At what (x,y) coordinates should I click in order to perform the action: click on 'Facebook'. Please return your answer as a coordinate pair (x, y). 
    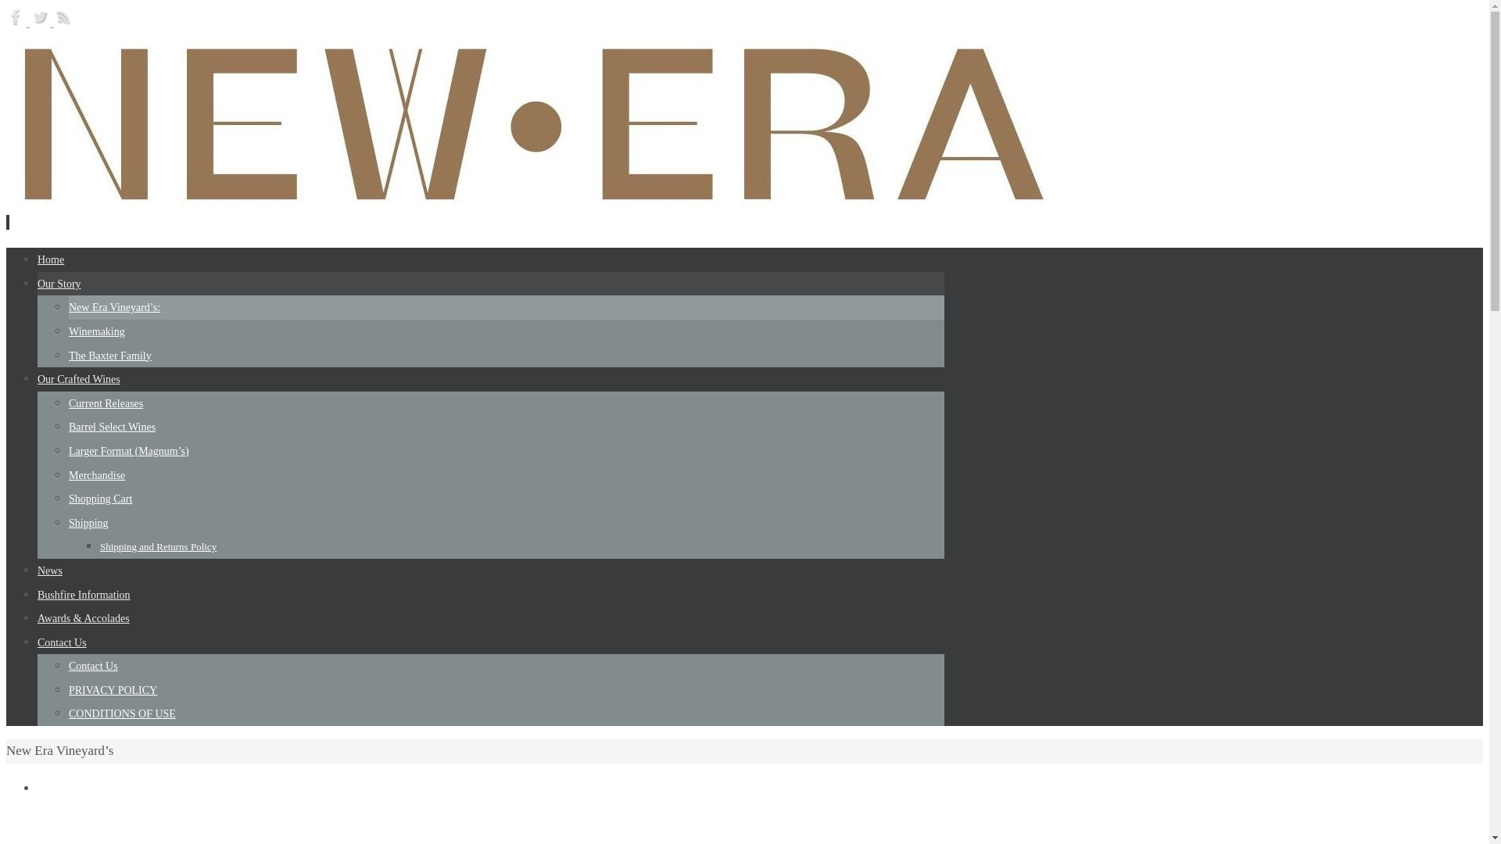
    Looking at the image, I should click on (18, 22).